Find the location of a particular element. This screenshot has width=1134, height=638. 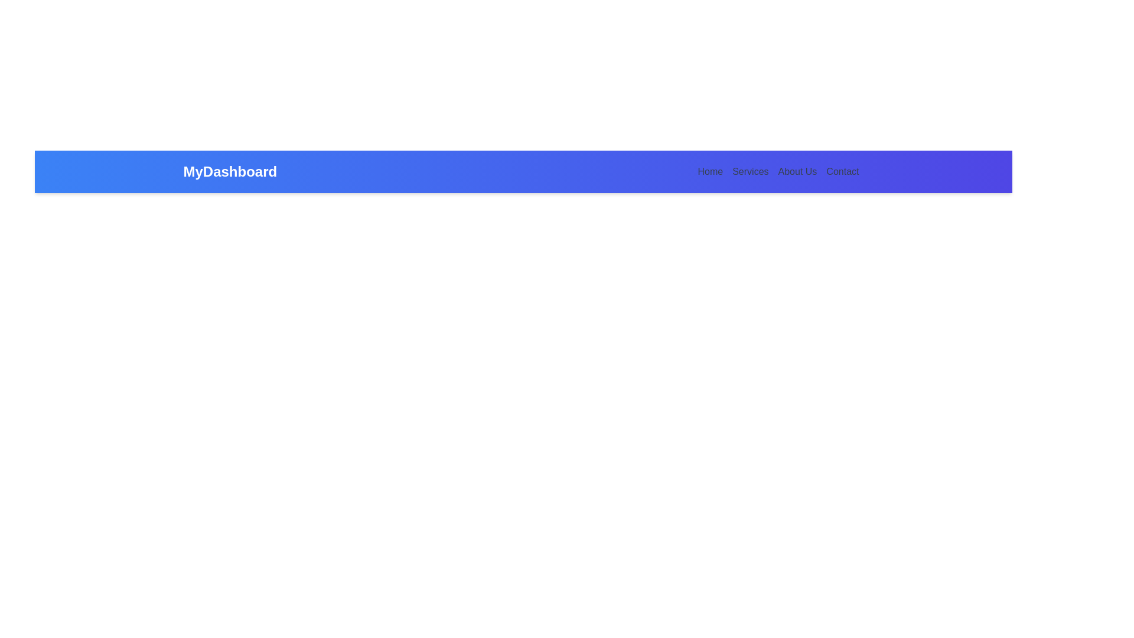

the second navigational link in the horizontal navigation bar is located at coordinates (750, 171).